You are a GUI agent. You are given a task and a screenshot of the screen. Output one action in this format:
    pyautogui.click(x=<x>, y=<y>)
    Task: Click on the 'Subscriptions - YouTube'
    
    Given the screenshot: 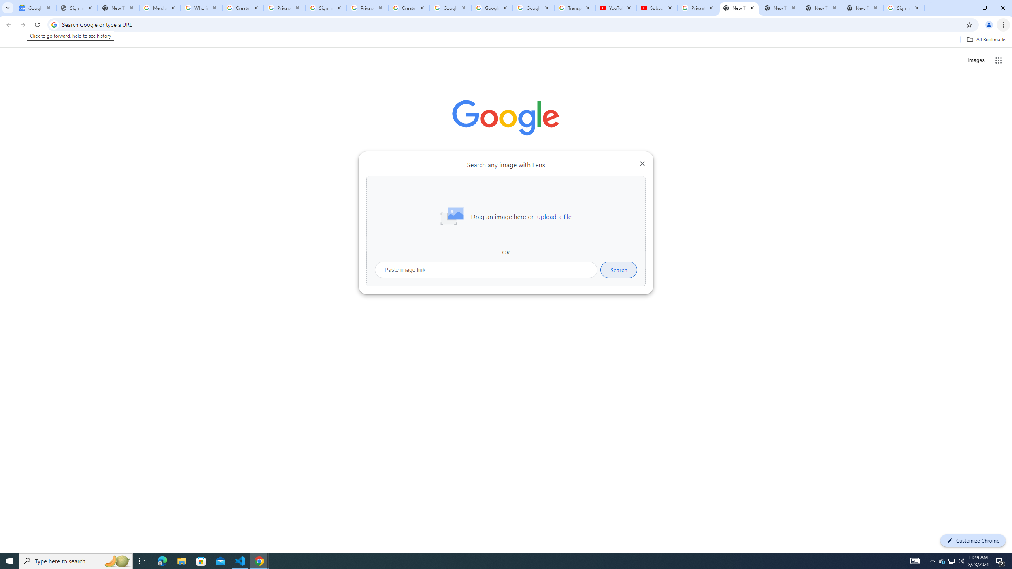 What is the action you would take?
    pyautogui.click(x=656, y=8)
    